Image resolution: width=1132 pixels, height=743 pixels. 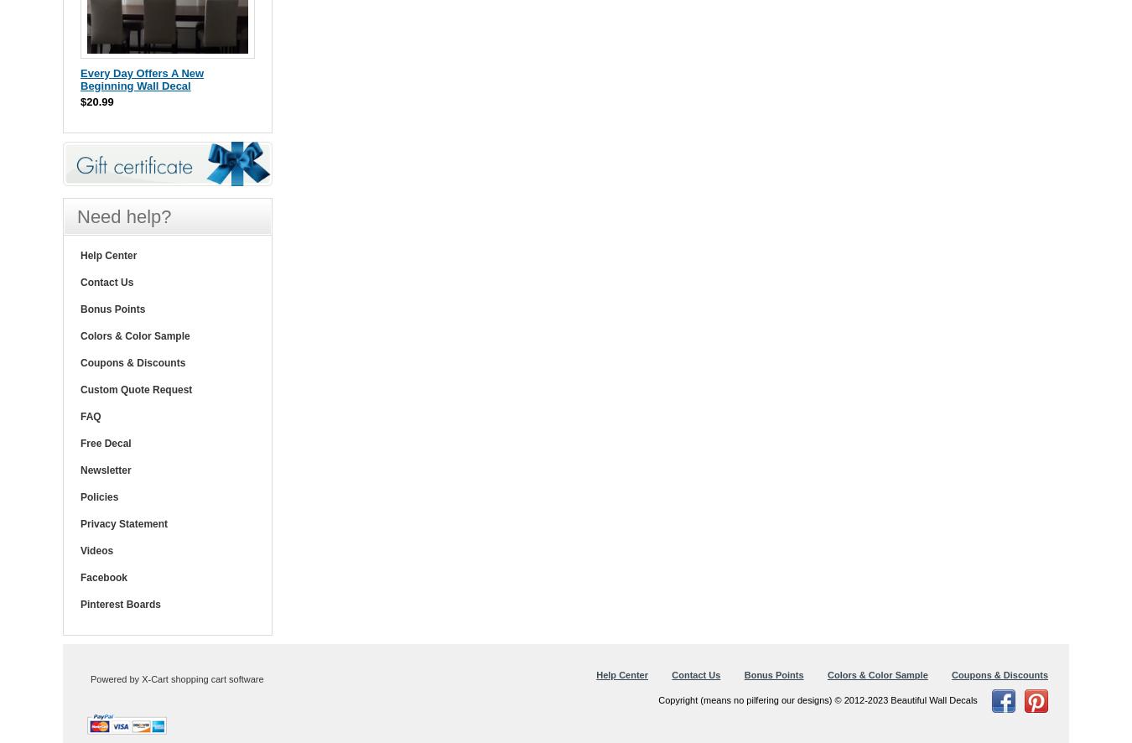 I want to click on 'FAQ', so click(x=79, y=414).